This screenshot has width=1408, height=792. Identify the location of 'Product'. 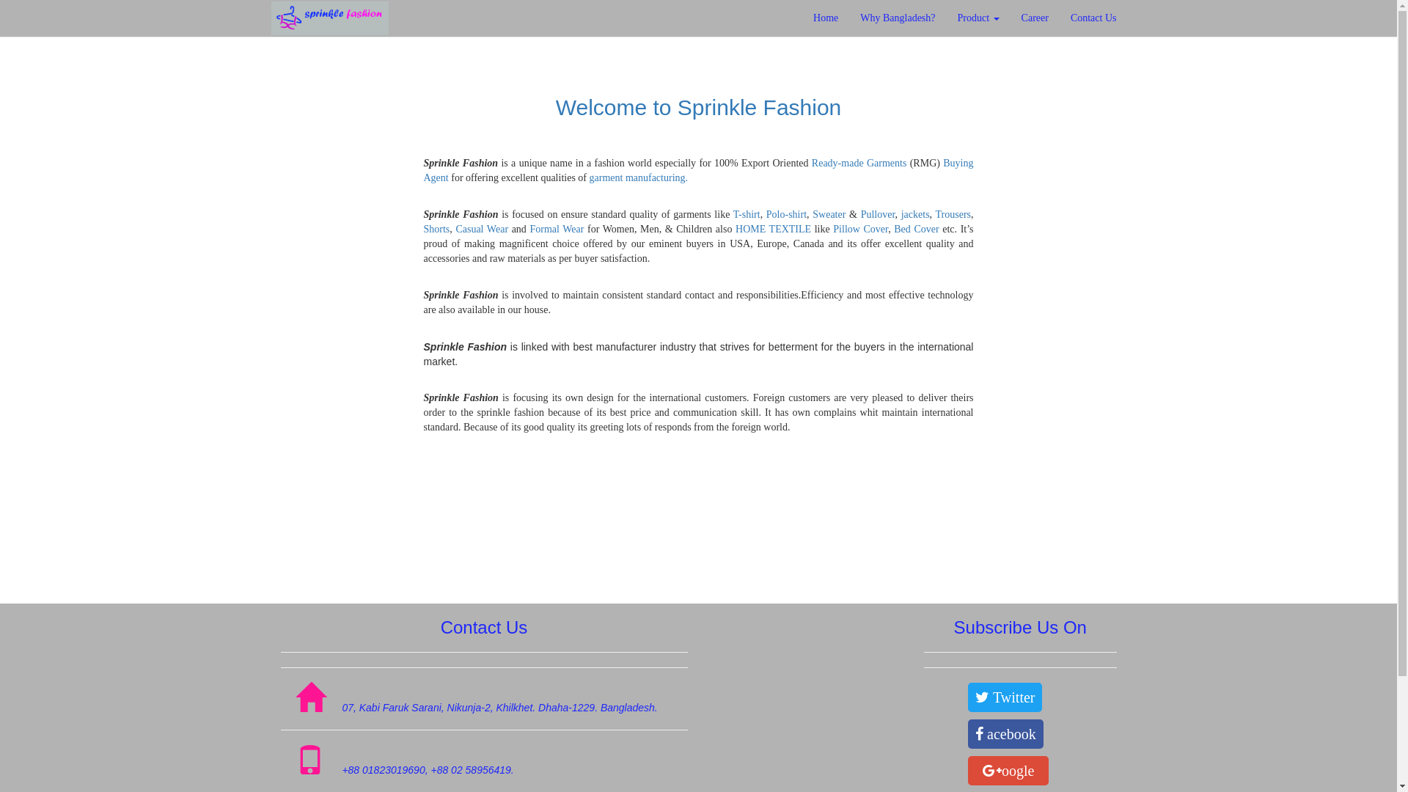
(947, 18).